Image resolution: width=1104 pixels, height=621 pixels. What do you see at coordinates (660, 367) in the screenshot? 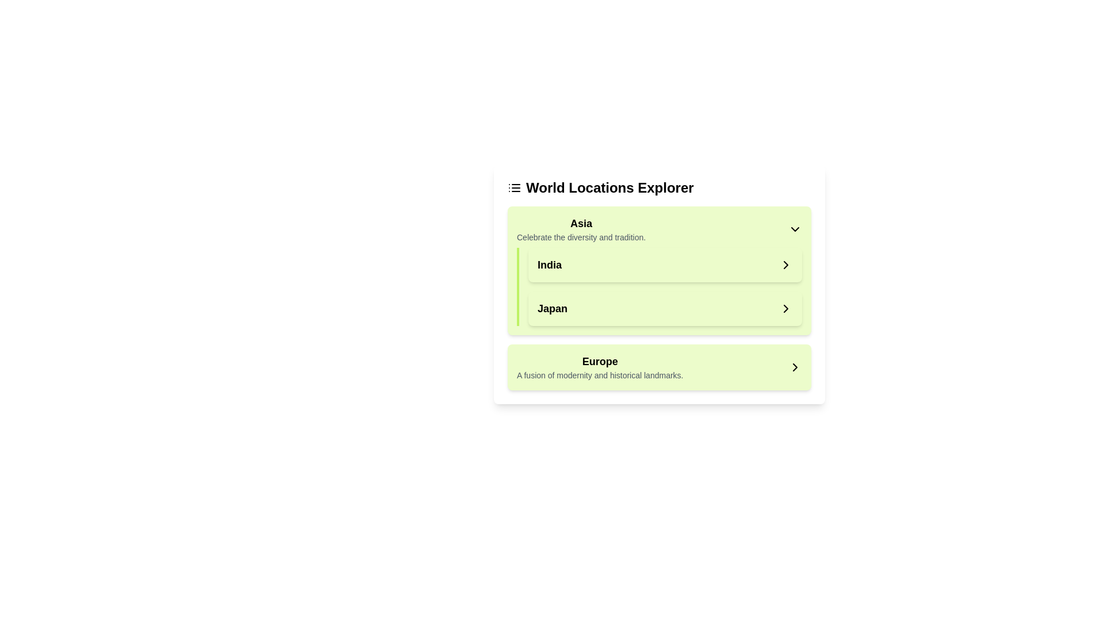
I see `the interactive list item entry for 'Europe' to navigate` at bounding box center [660, 367].